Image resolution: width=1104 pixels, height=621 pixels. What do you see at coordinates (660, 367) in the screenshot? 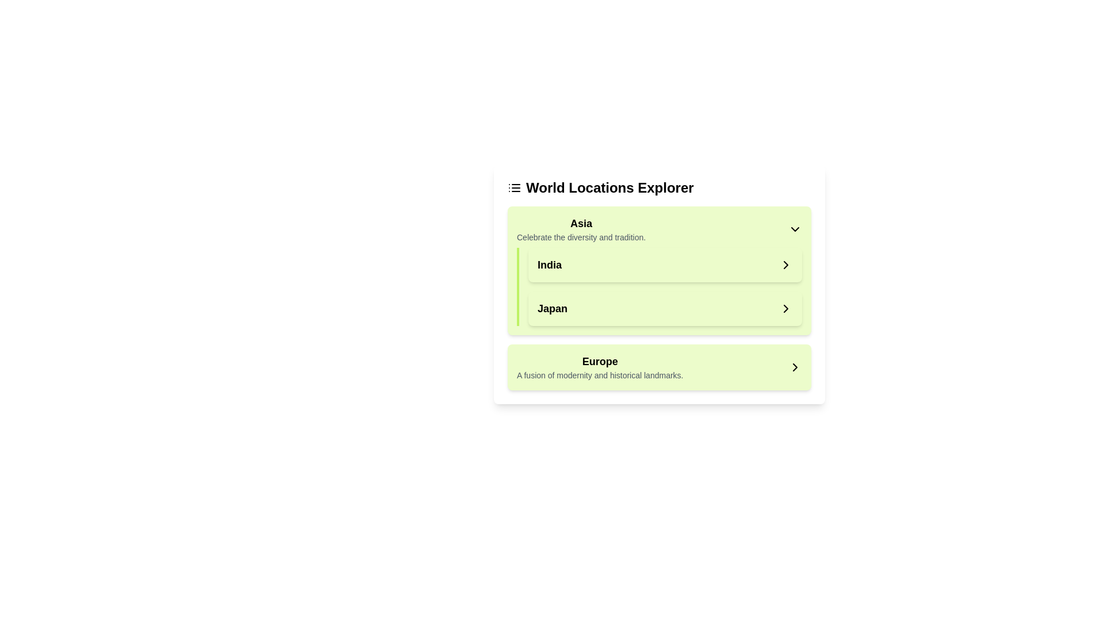
I see `the interactive list item entry for 'Europe' to navigate` at bounding box center [660, 367].